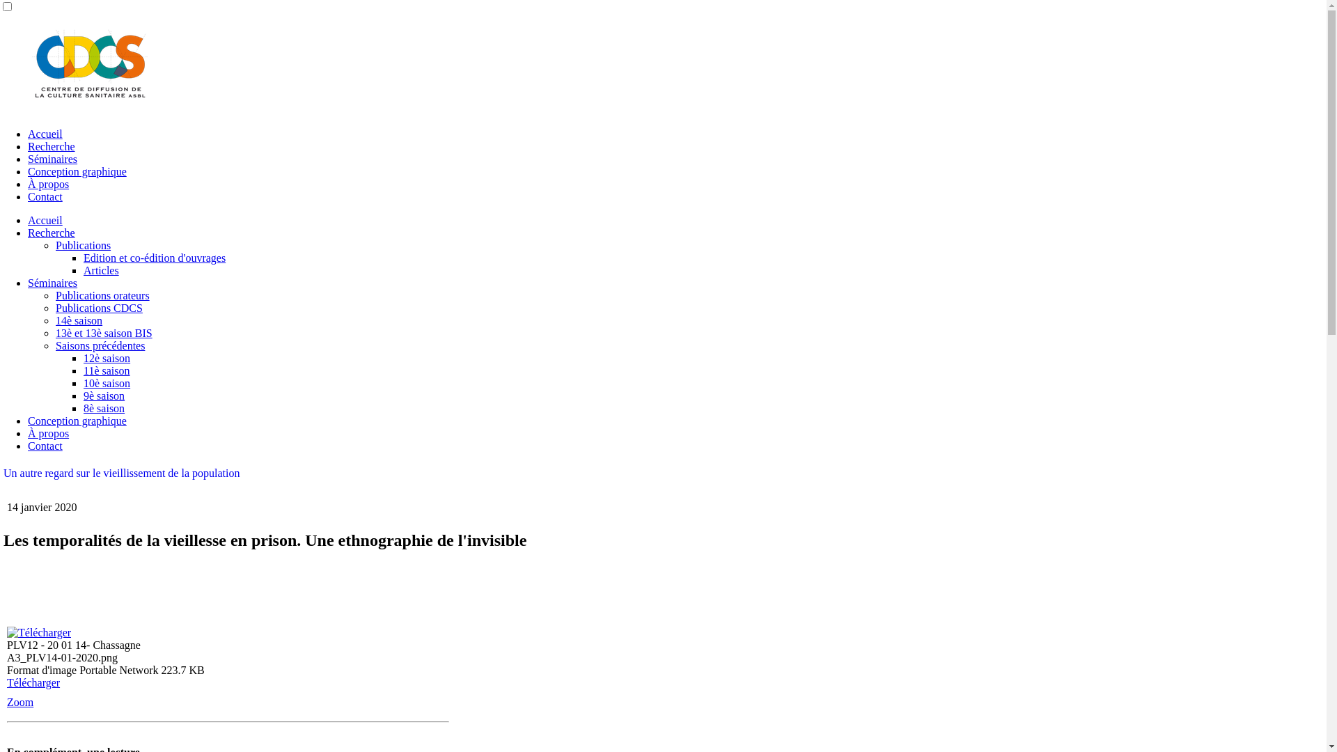  What do you see at coordinates (27, 134) in the screenshot?
I see `'Accueil'` at bounding box center [27, 134].